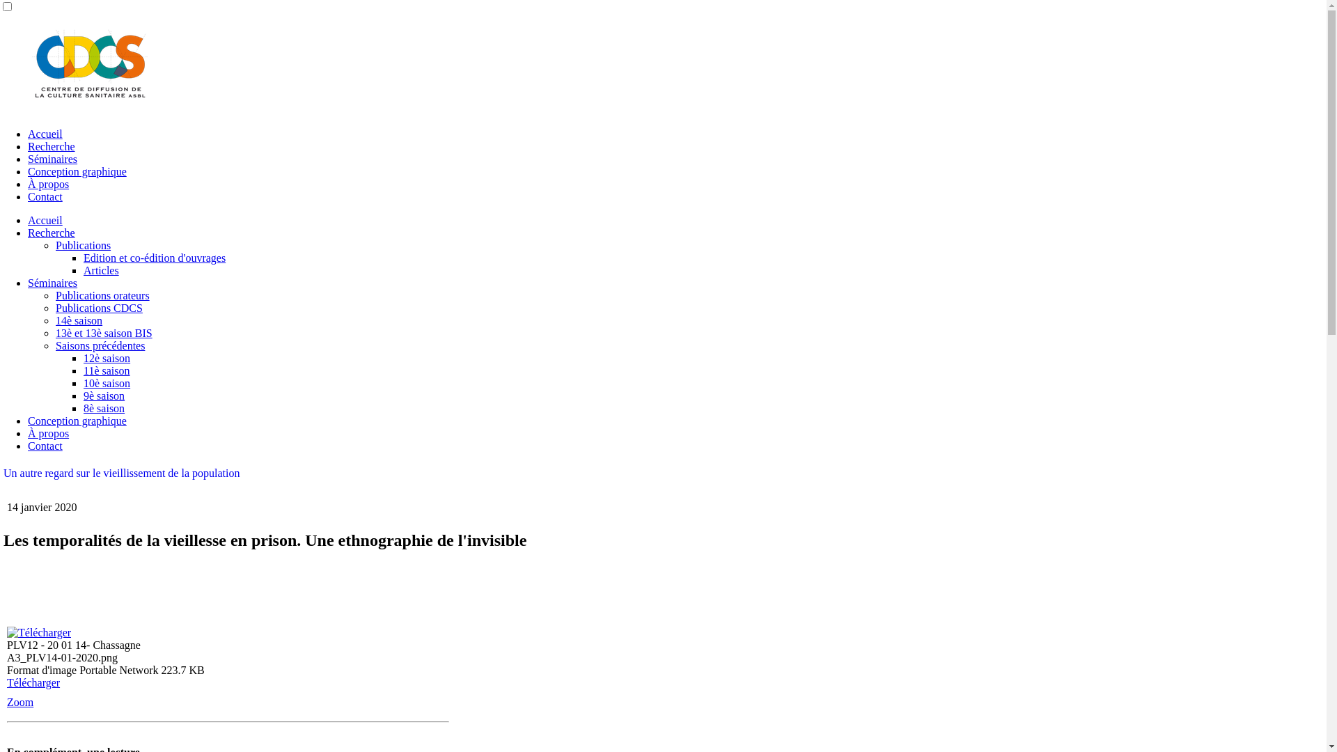  What do you see at coordinates (27, 134) in the screenshot?
I see `'Accueil'` at bounding box center [27, 134].